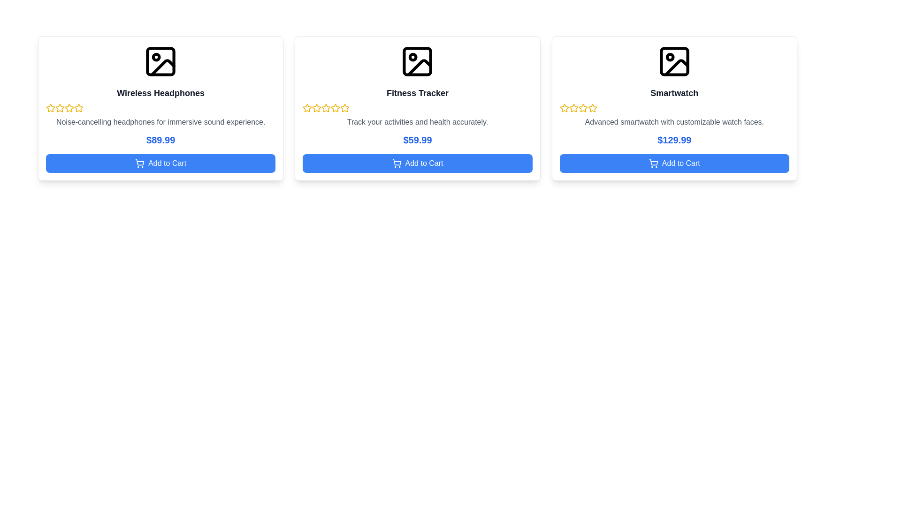  What do you see at coordinates (674, 163) in the screenshot?
I see `the 'Add to Cart' button for the 'Smartwatch' item located at the bottom of its product card` at bounding box center [674, 163].